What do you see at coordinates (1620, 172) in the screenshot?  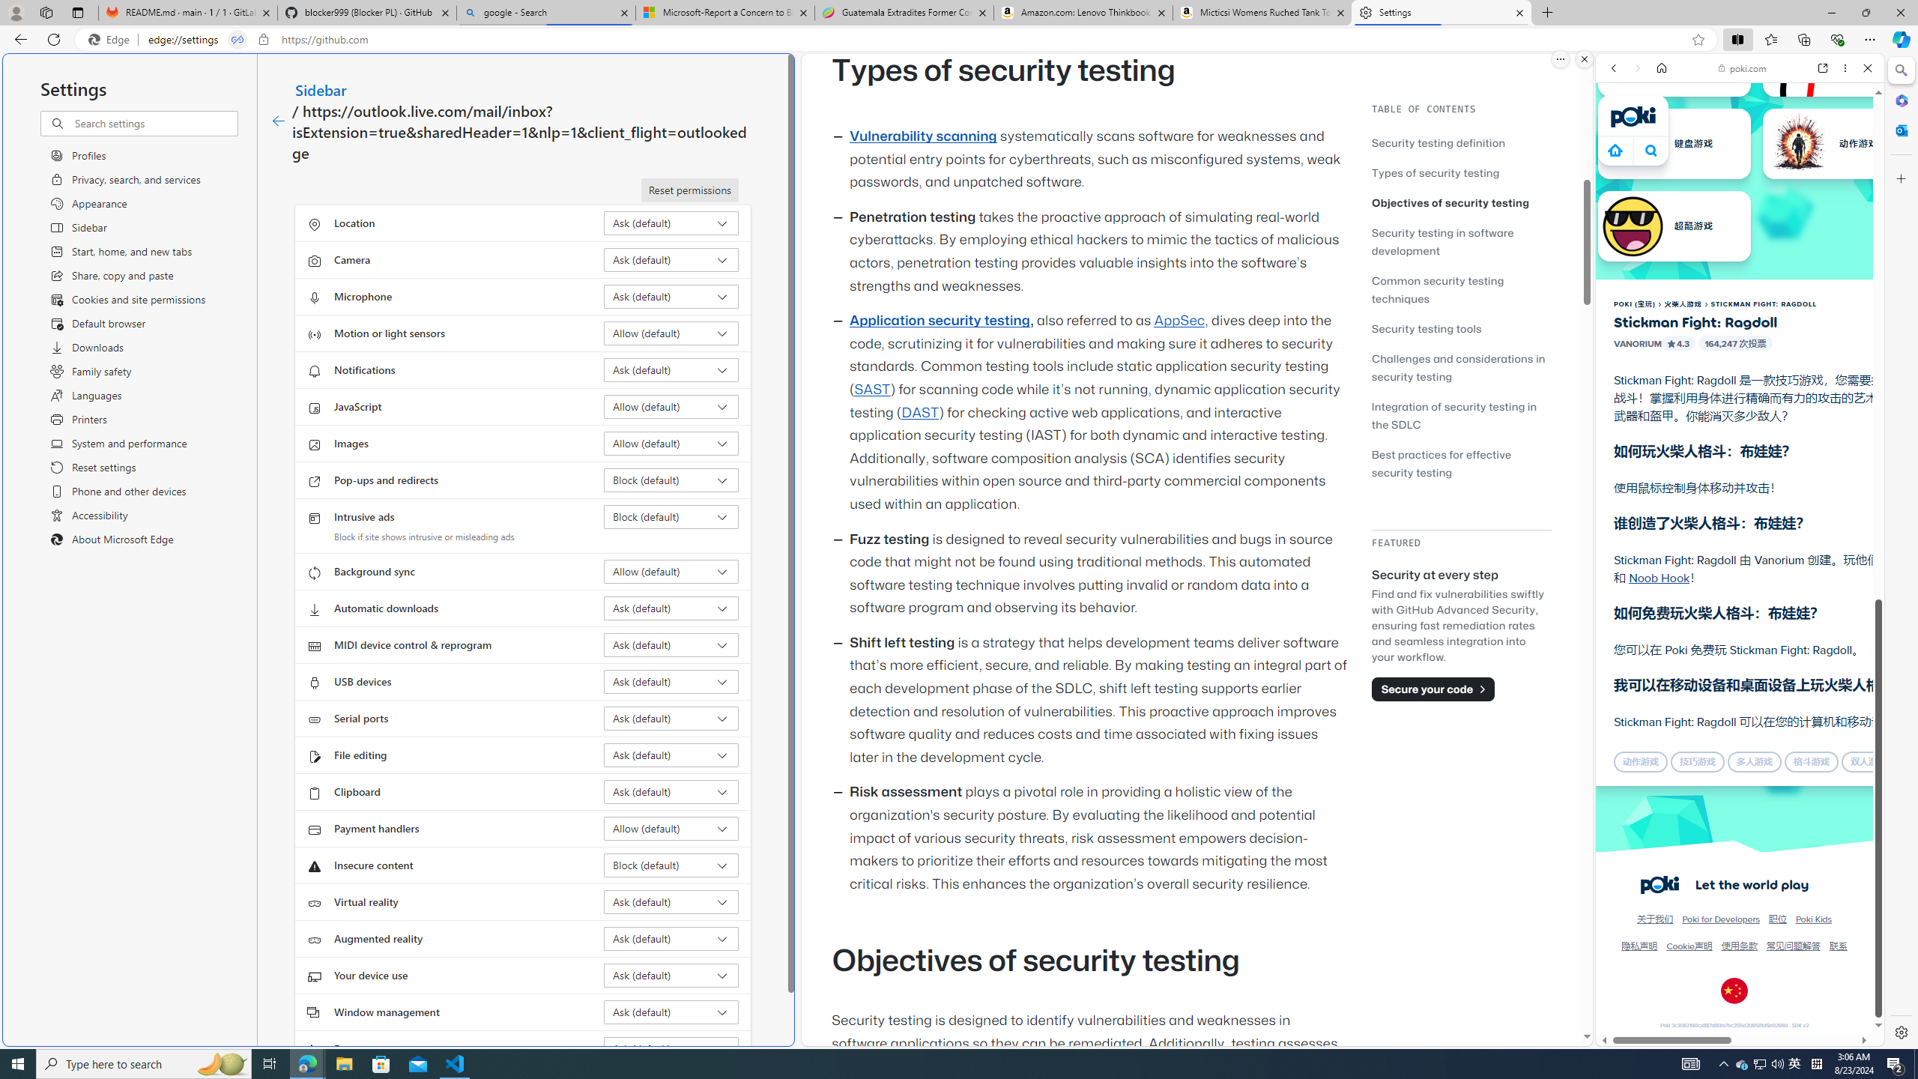 I see `'WEB  '` at bounding box center [1620, 172].